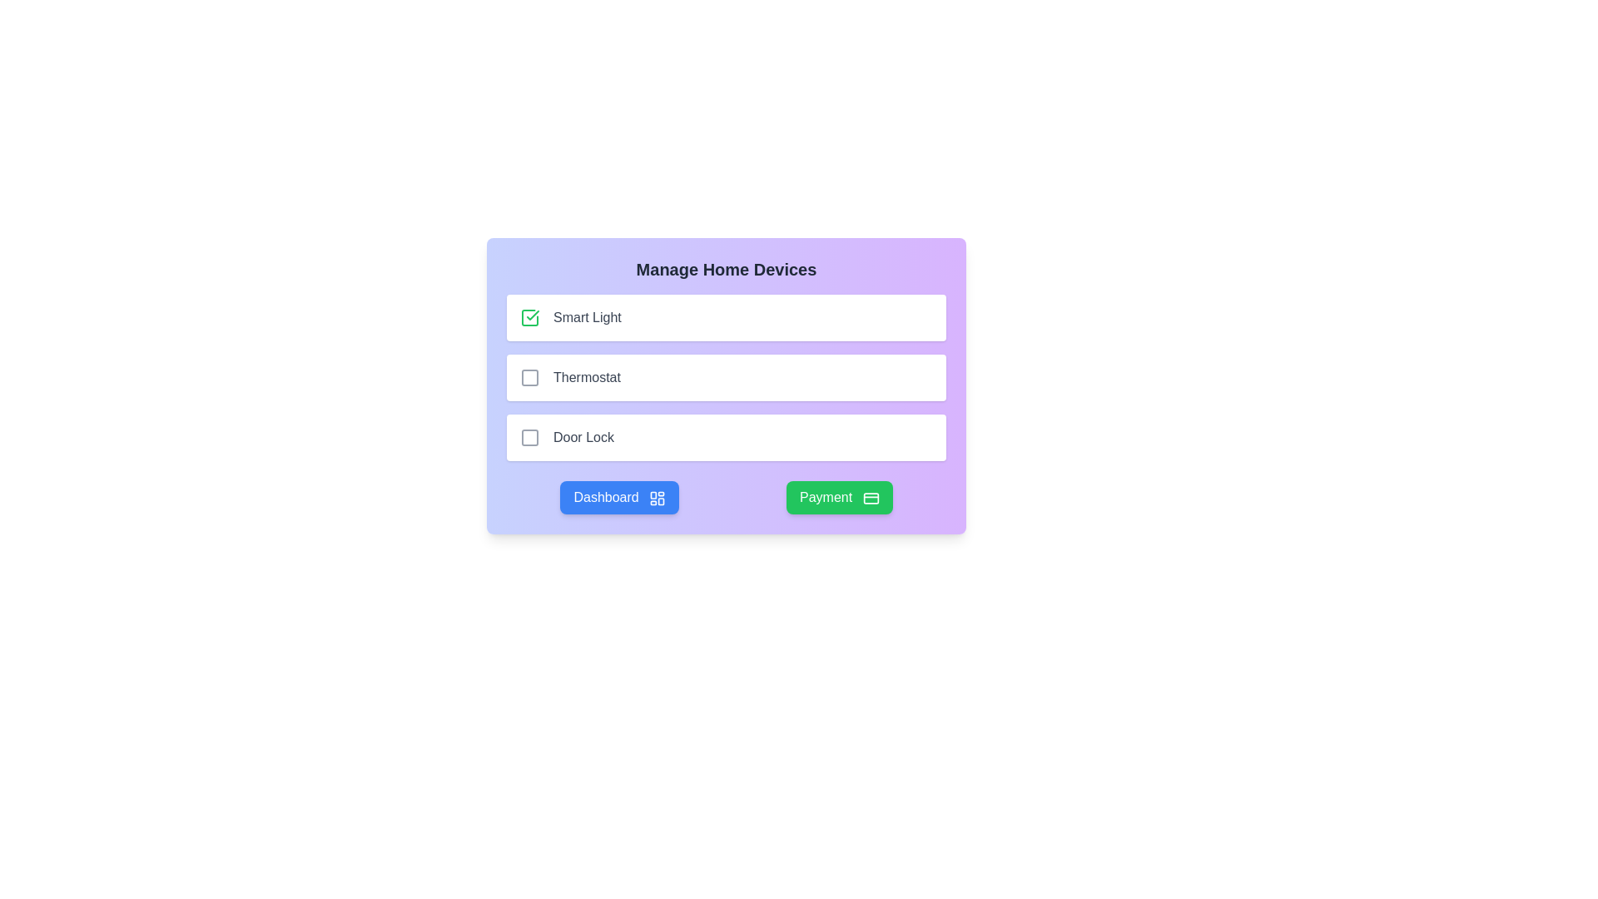 This screenshot has width=1598, height=899. Describe the element at coordinates (727, 496) in the screenshot. I see `the blue 'Dashboard' button located in the navigation bar at the bottom of the 'Manage Home Devices' card` at that location.